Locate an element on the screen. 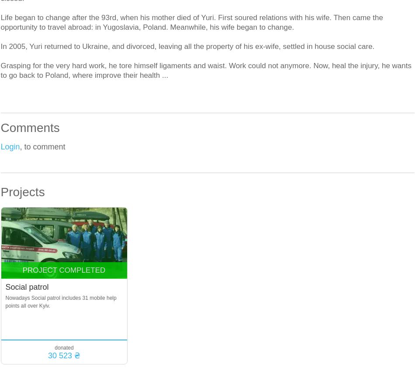 The image size is (415, 371). 'Life began to change after the 93rd, when his mother died of Yuri. First soured relations with his wife. Then came the opportunity to travel abroad: in Yugoslavia, Poland. Meanwhile, his wife began to change.' is located at coordinates (191, 22).